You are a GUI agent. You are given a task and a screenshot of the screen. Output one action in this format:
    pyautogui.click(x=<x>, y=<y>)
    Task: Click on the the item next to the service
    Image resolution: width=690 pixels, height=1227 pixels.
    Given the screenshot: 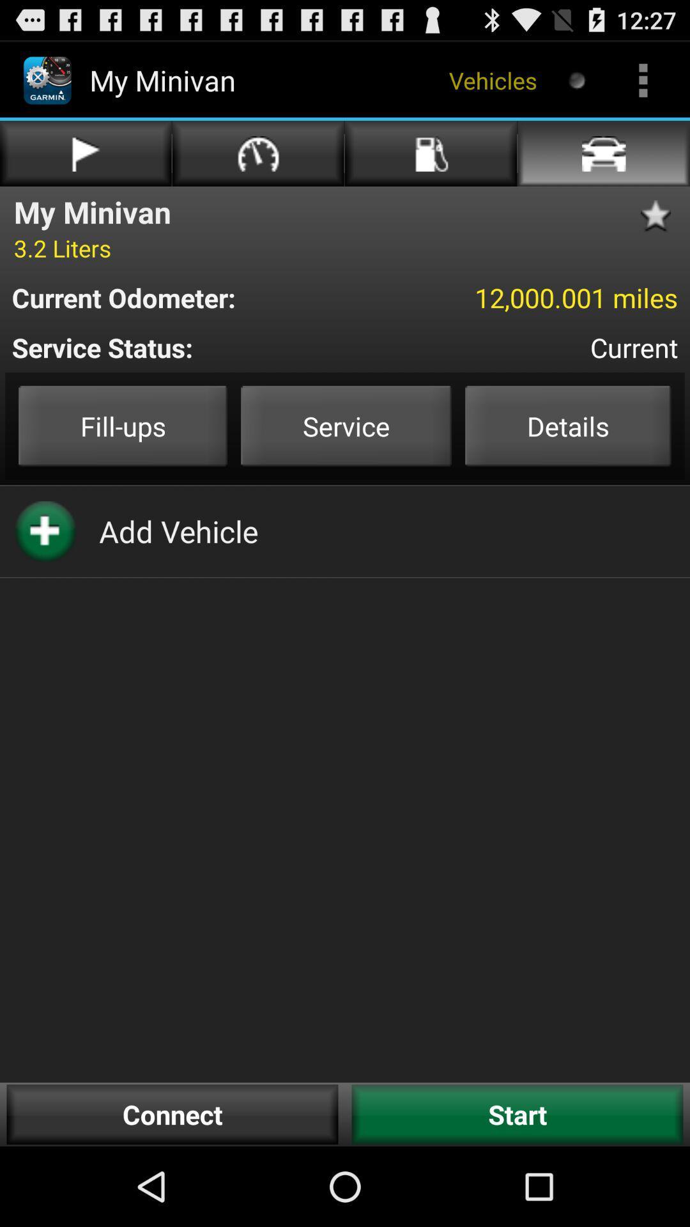 What is the action you would take?
    pyautogui.click(x=123, y=426)
    